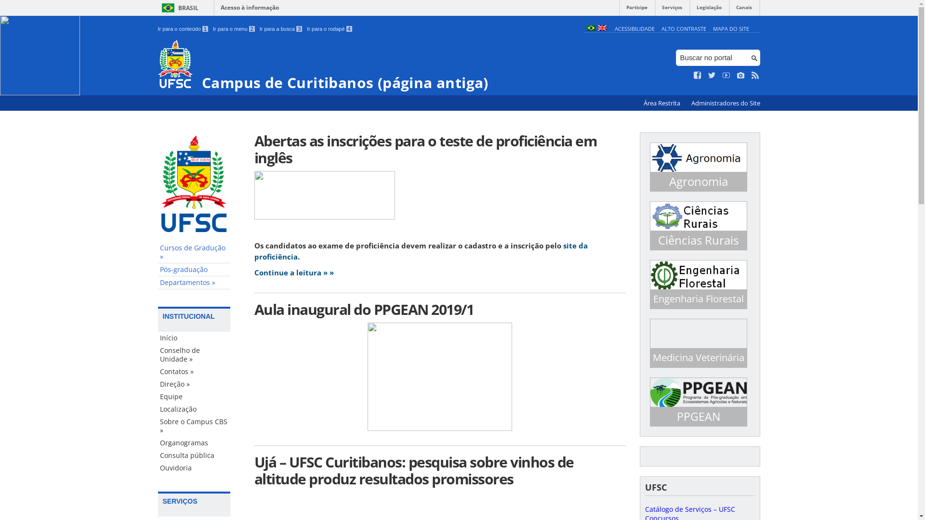  What do you see at coordinates (280, 28) in the screenshot?
I see `'Ir para a busca 3'` at bounding box center [280, 28].